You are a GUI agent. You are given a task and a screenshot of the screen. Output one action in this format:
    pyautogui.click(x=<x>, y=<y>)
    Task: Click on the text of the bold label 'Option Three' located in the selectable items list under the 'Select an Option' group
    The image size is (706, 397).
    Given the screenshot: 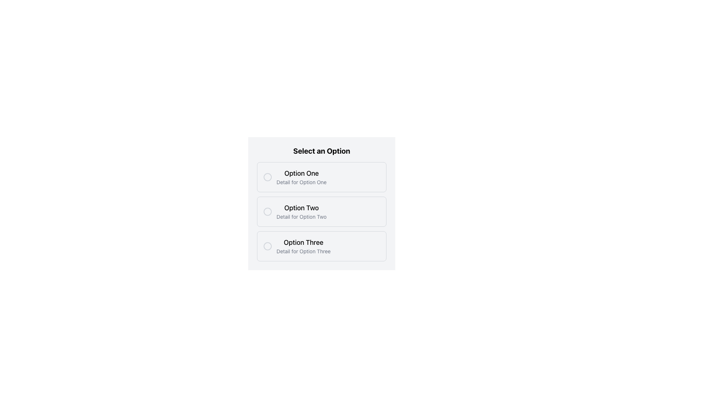 What is the action you would take?
    pyautogui.click(x=303, y=242)
    